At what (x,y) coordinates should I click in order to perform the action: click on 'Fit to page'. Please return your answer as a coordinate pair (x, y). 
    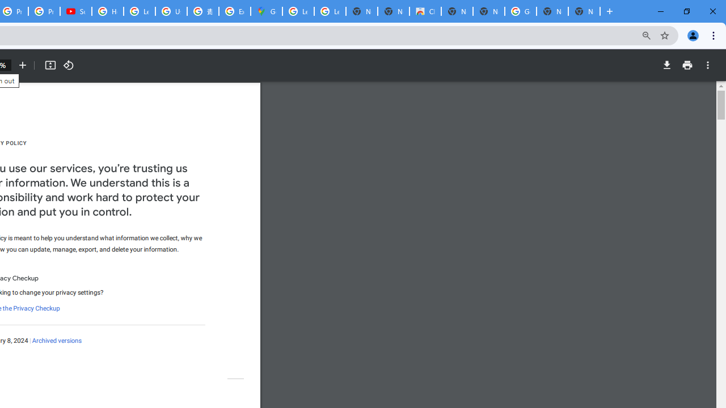
    Looking at the image, I should click on (49, 65).